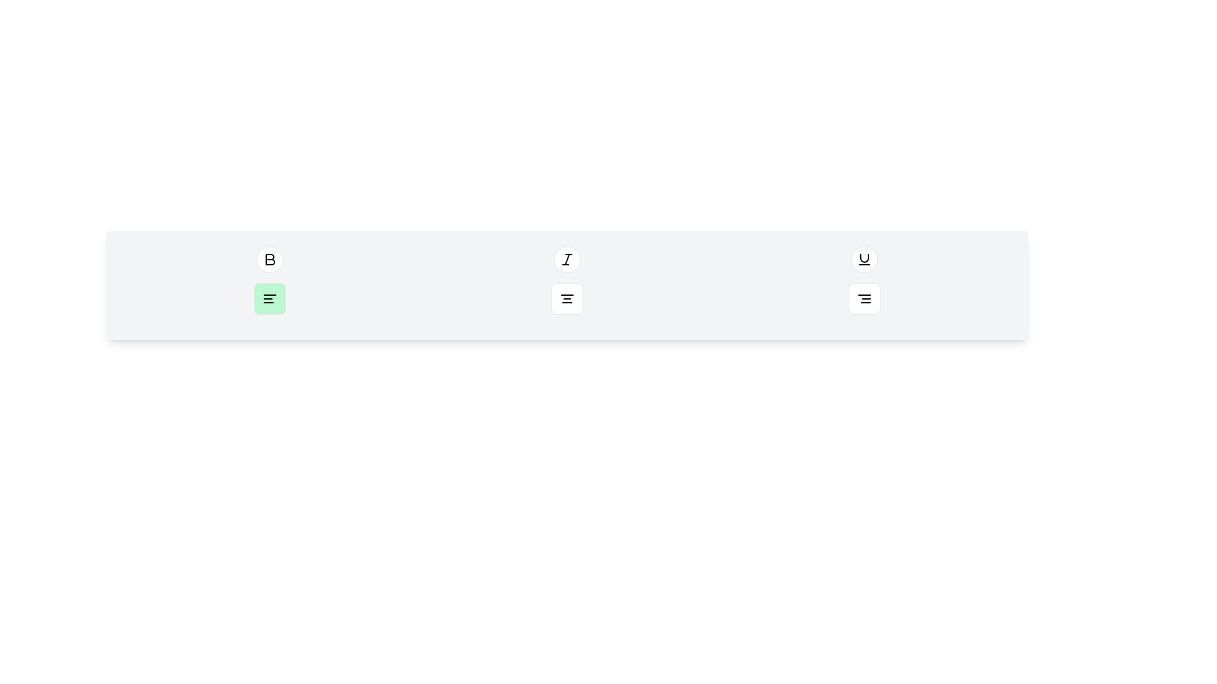 Image resolution: width=1217 pixels, height=684 pixels. Describe the element at coordinates (863, 298) in the screenshot. I see `keyboard navigation` at that location.